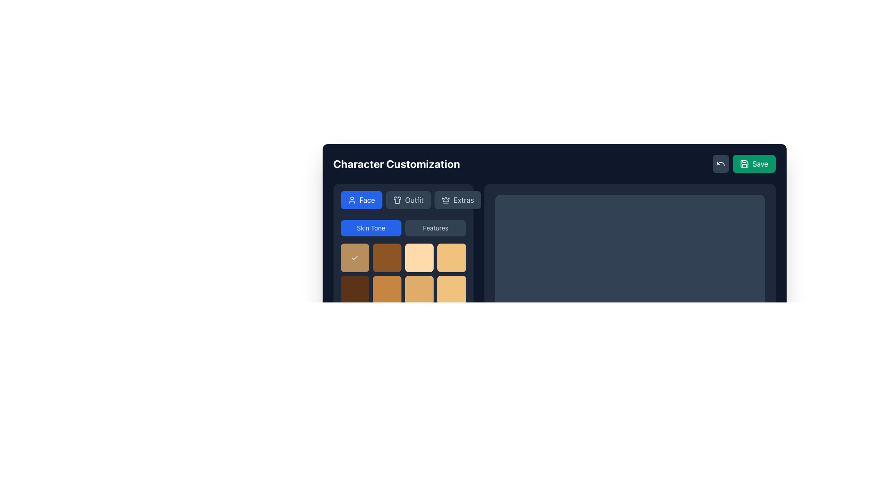  Describe the element at coordinates (354, 258) in the screenshot. I see `the first tile in the top-left corner of the 4x3 grid layout, which has a light brown background and a white check mark icon` at that location.